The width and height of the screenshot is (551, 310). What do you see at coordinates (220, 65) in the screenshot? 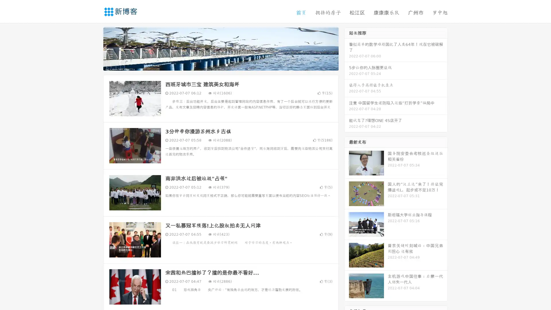
I see `Go to slide 2` at bounding box center [220, 65].